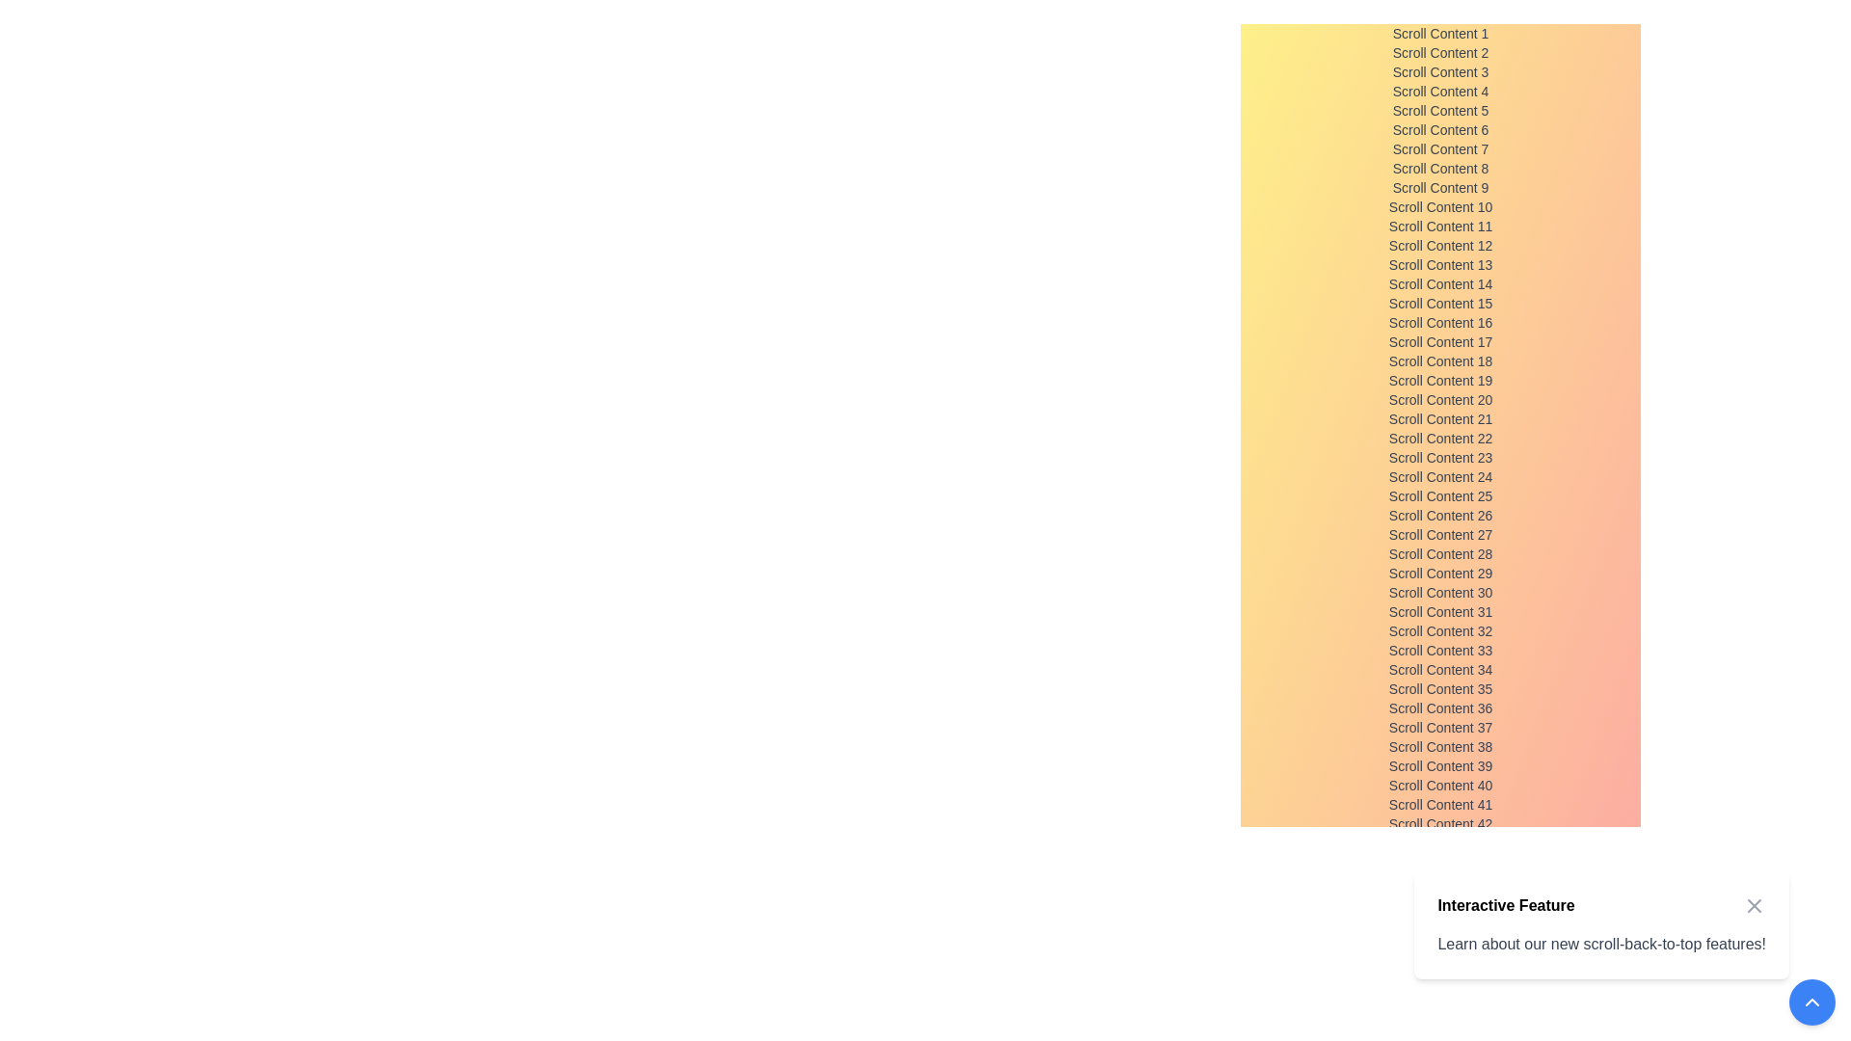 The width and height of the screenshot is (1851, 1041). What do you see at coordinates (1440, 920) in the screenshot?
I see `information displayed in the text label that shows 'Scroll Content 47', which is part of a vertical list of similar items` at bounding box center [1440, 920].